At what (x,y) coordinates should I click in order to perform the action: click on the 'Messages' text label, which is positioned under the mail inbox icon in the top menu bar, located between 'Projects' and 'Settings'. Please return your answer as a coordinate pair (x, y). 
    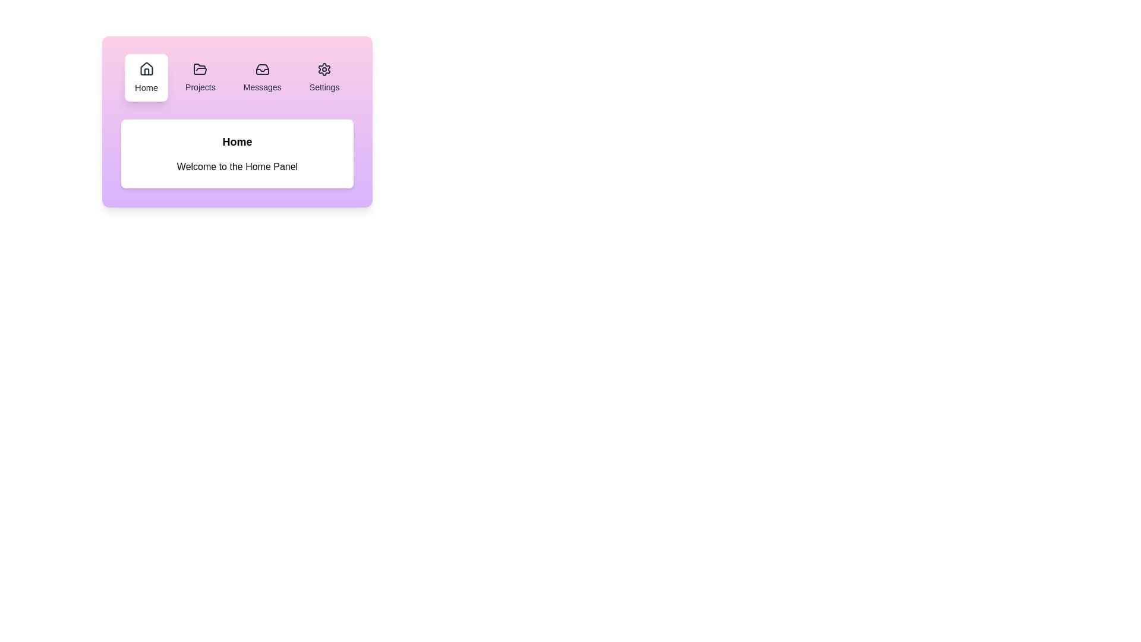
    Looking at the image, I should click on (261, 86).